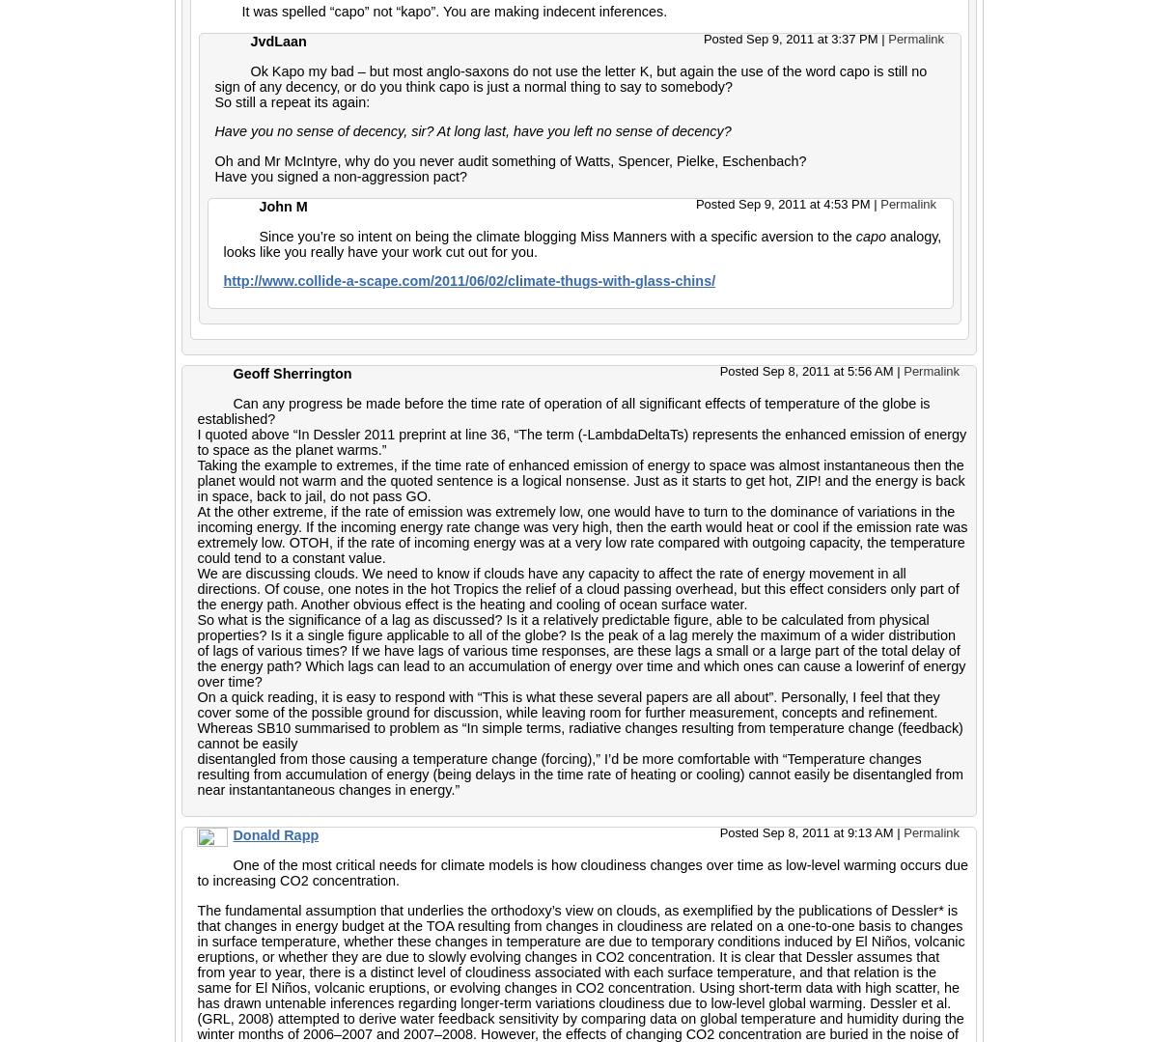 The height and width of the screenshot is (1042, 1170). What do you see at coordinates (581, 244) in the screenshot?
I see `'analogy, looks like you really have your work cut out for you.'` at bounding box center [581, 244].